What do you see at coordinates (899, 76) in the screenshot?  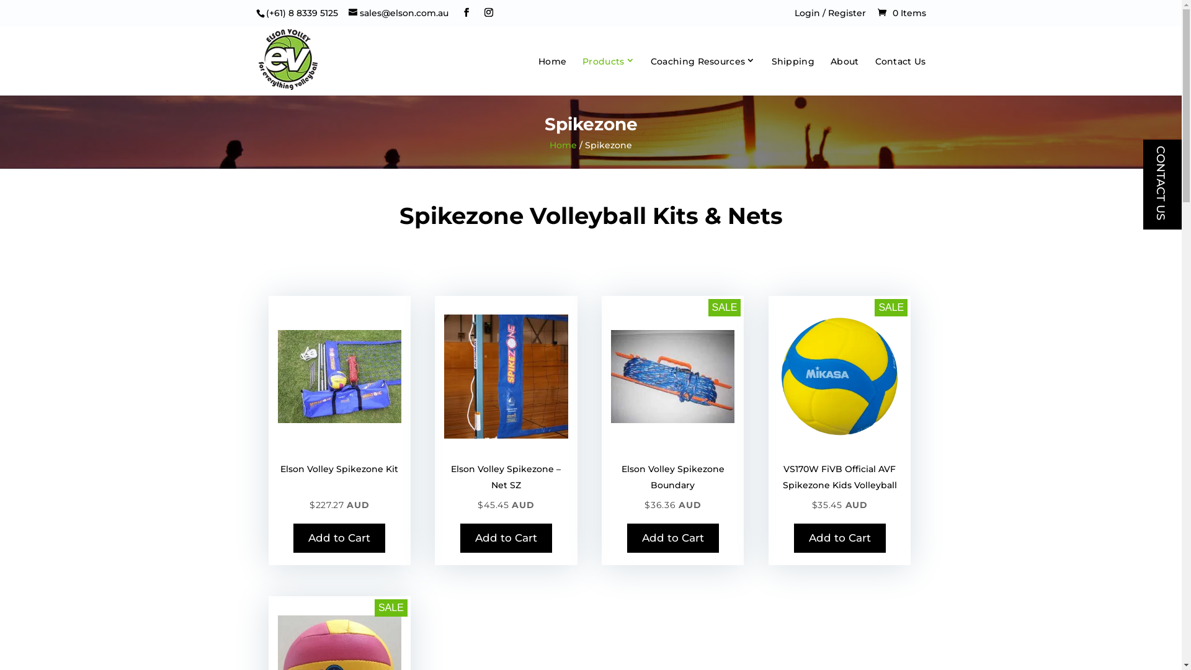 I see `'Contact Us'` at bounding box center [899, 76].